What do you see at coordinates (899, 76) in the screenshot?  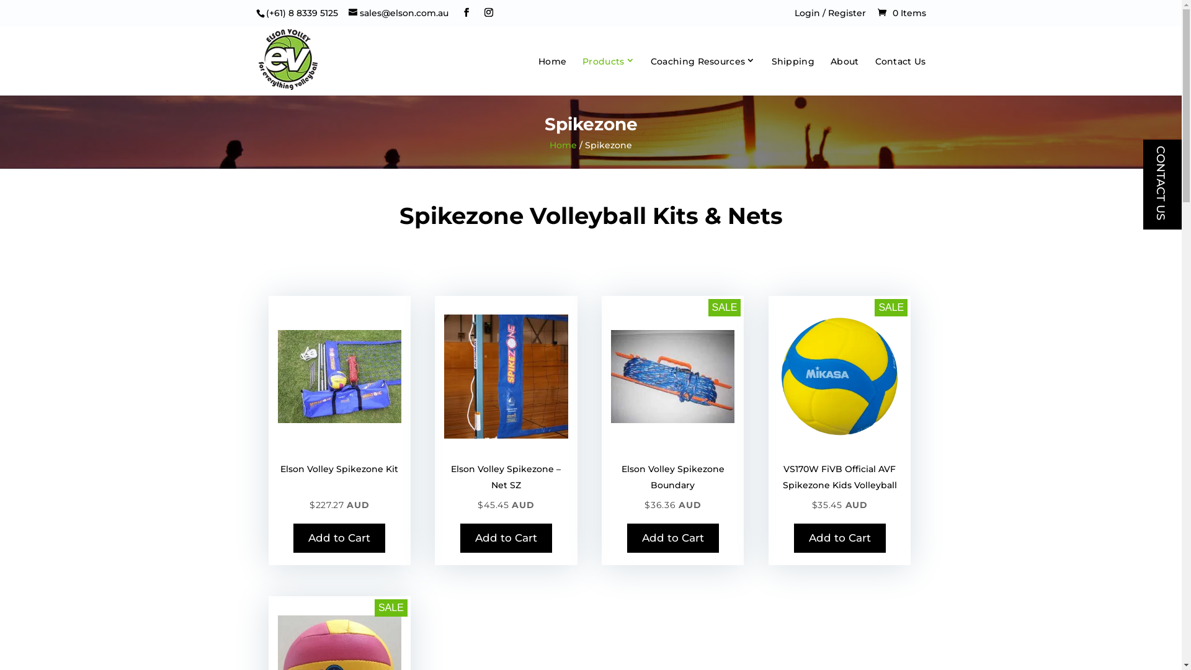 I see `'Contact Us'` at bounding box center [899, 76].